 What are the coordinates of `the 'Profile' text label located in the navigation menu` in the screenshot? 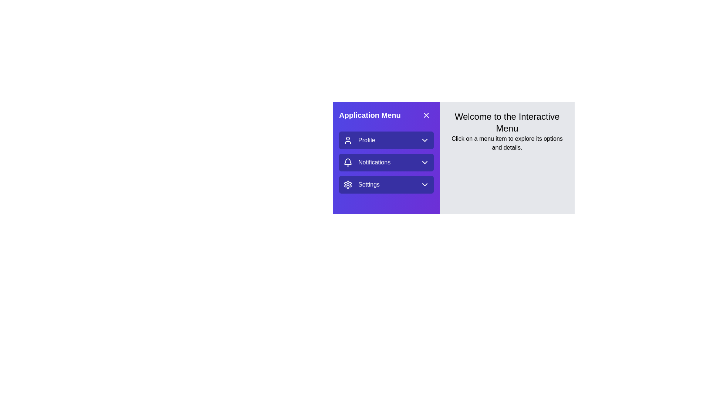 It's located at (366, 140).